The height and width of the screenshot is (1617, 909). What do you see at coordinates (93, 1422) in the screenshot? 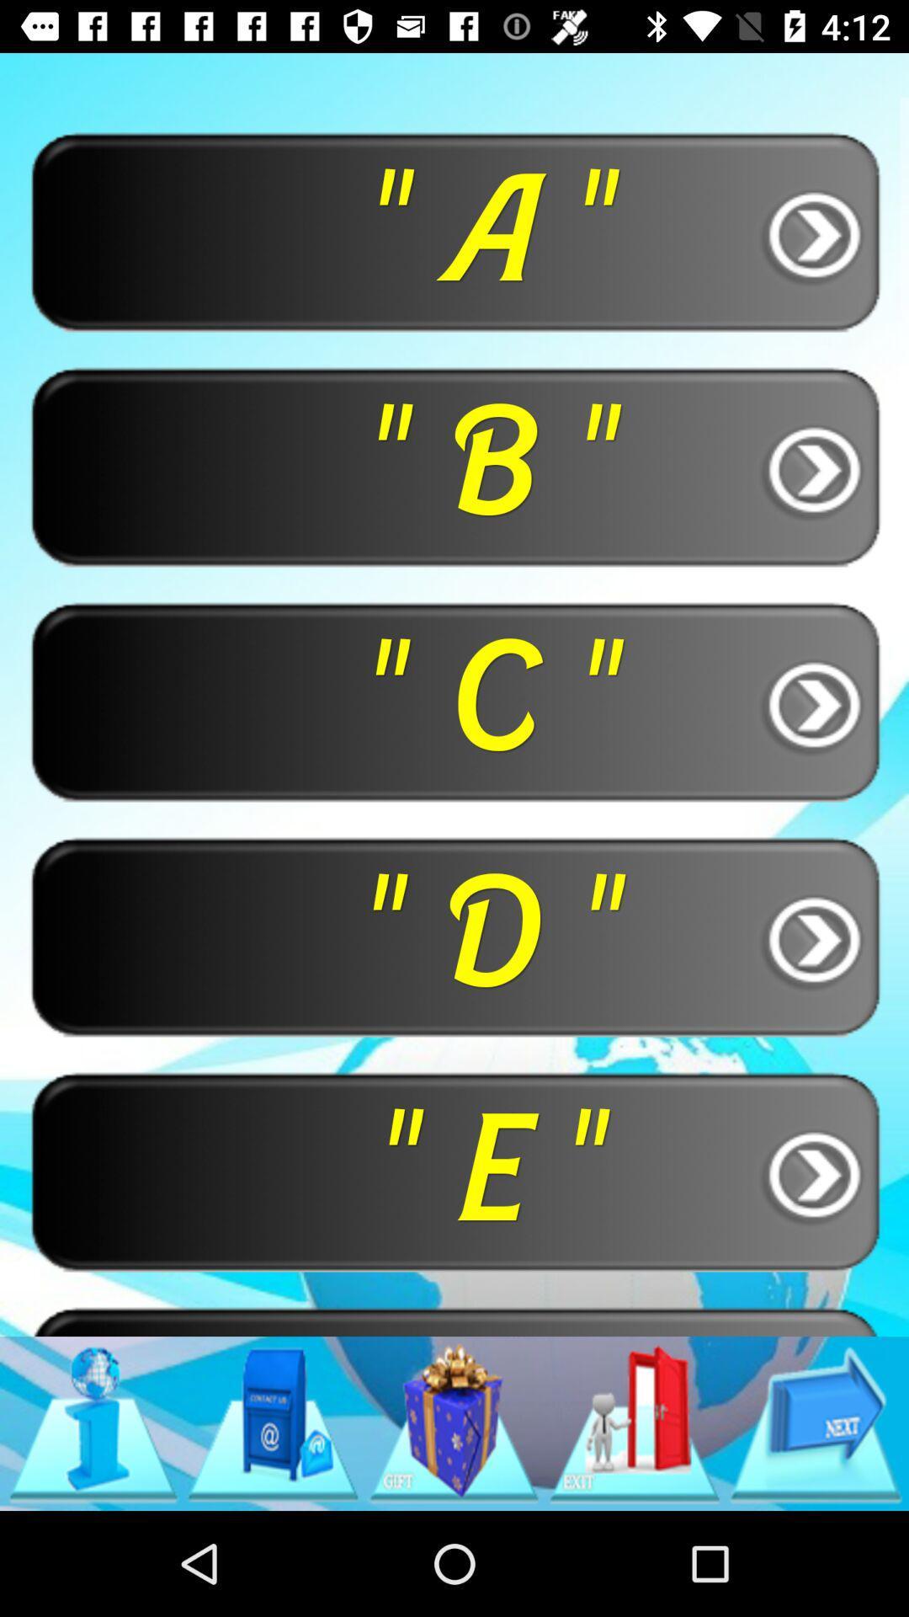
I see `the item below the   " f " icon` at bounding box center [93, 1422].